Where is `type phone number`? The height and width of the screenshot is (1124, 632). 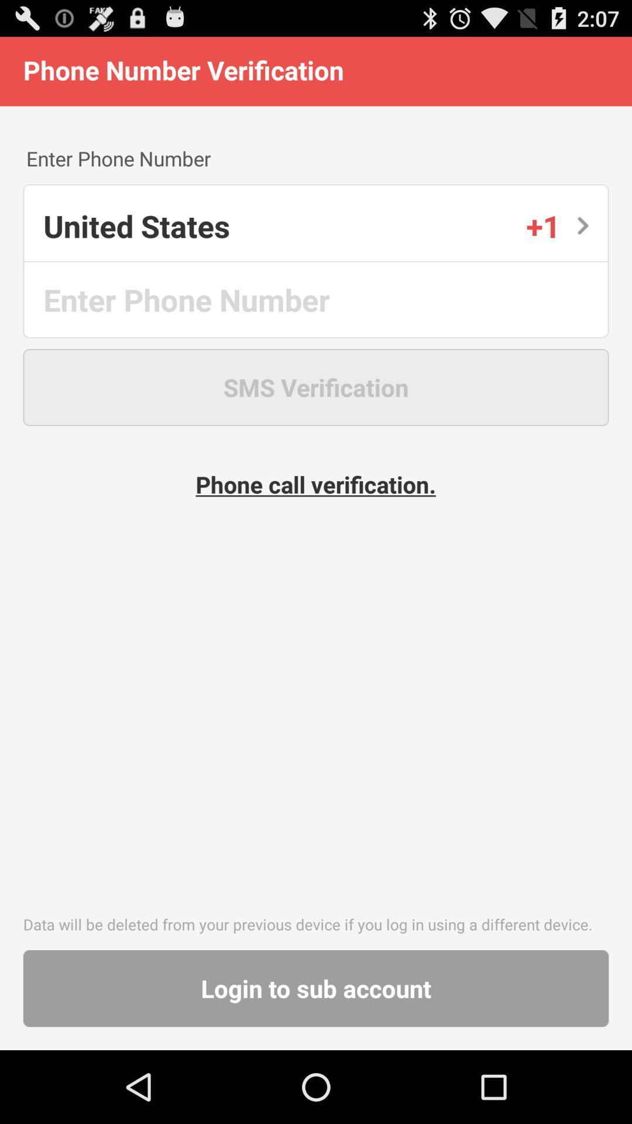 type phone number is located at coordinates (317, 299).